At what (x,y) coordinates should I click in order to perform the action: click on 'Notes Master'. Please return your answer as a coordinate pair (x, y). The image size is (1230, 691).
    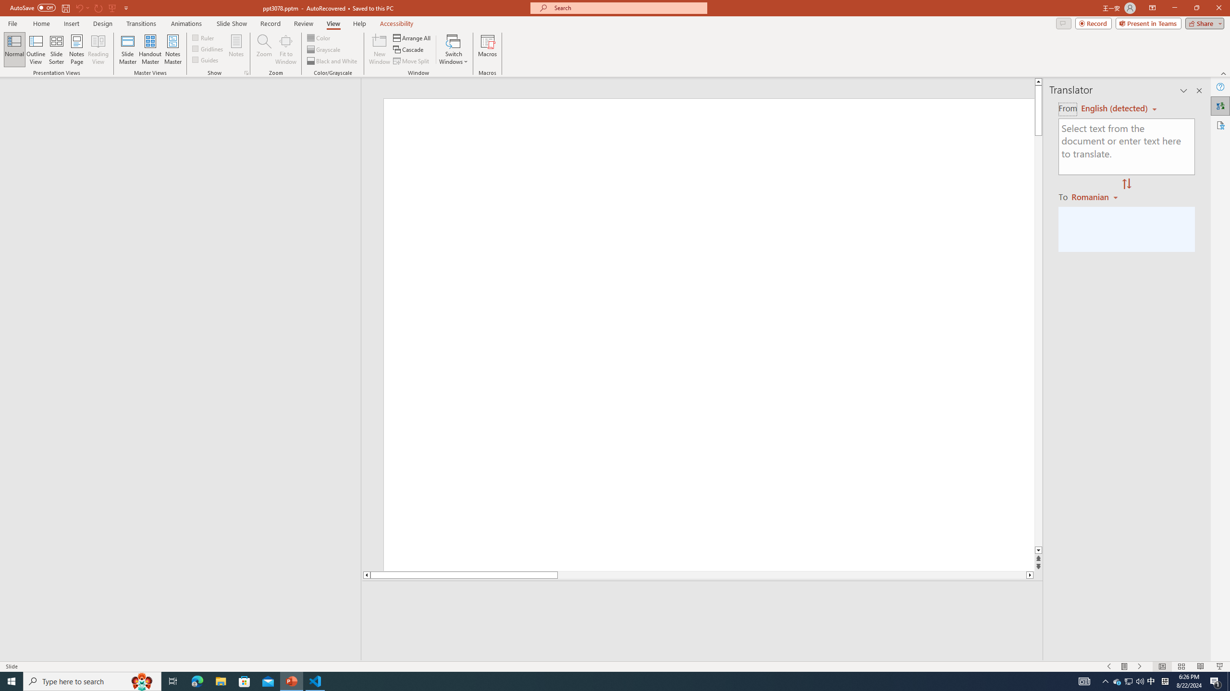
    Looking at the image, I should click on (172, 49).